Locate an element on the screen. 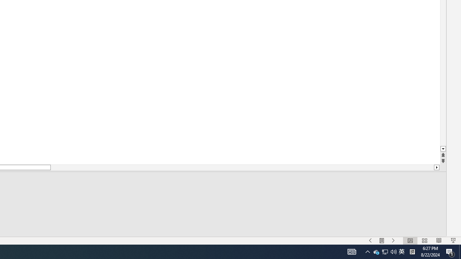 The width and height of the screenshot is (461, 259). 'Slide Show Previous On' is located at coordinates (370, 241).